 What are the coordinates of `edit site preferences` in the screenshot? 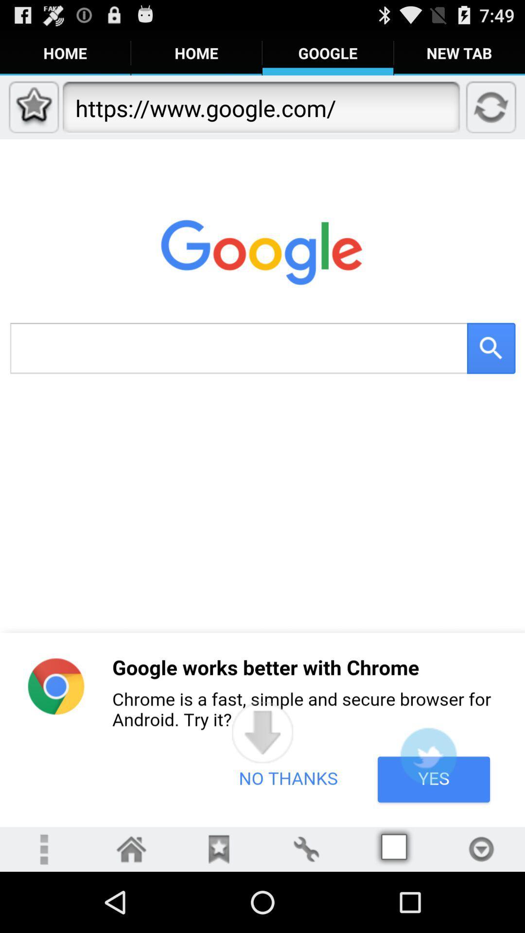 It's located at (305, 848).